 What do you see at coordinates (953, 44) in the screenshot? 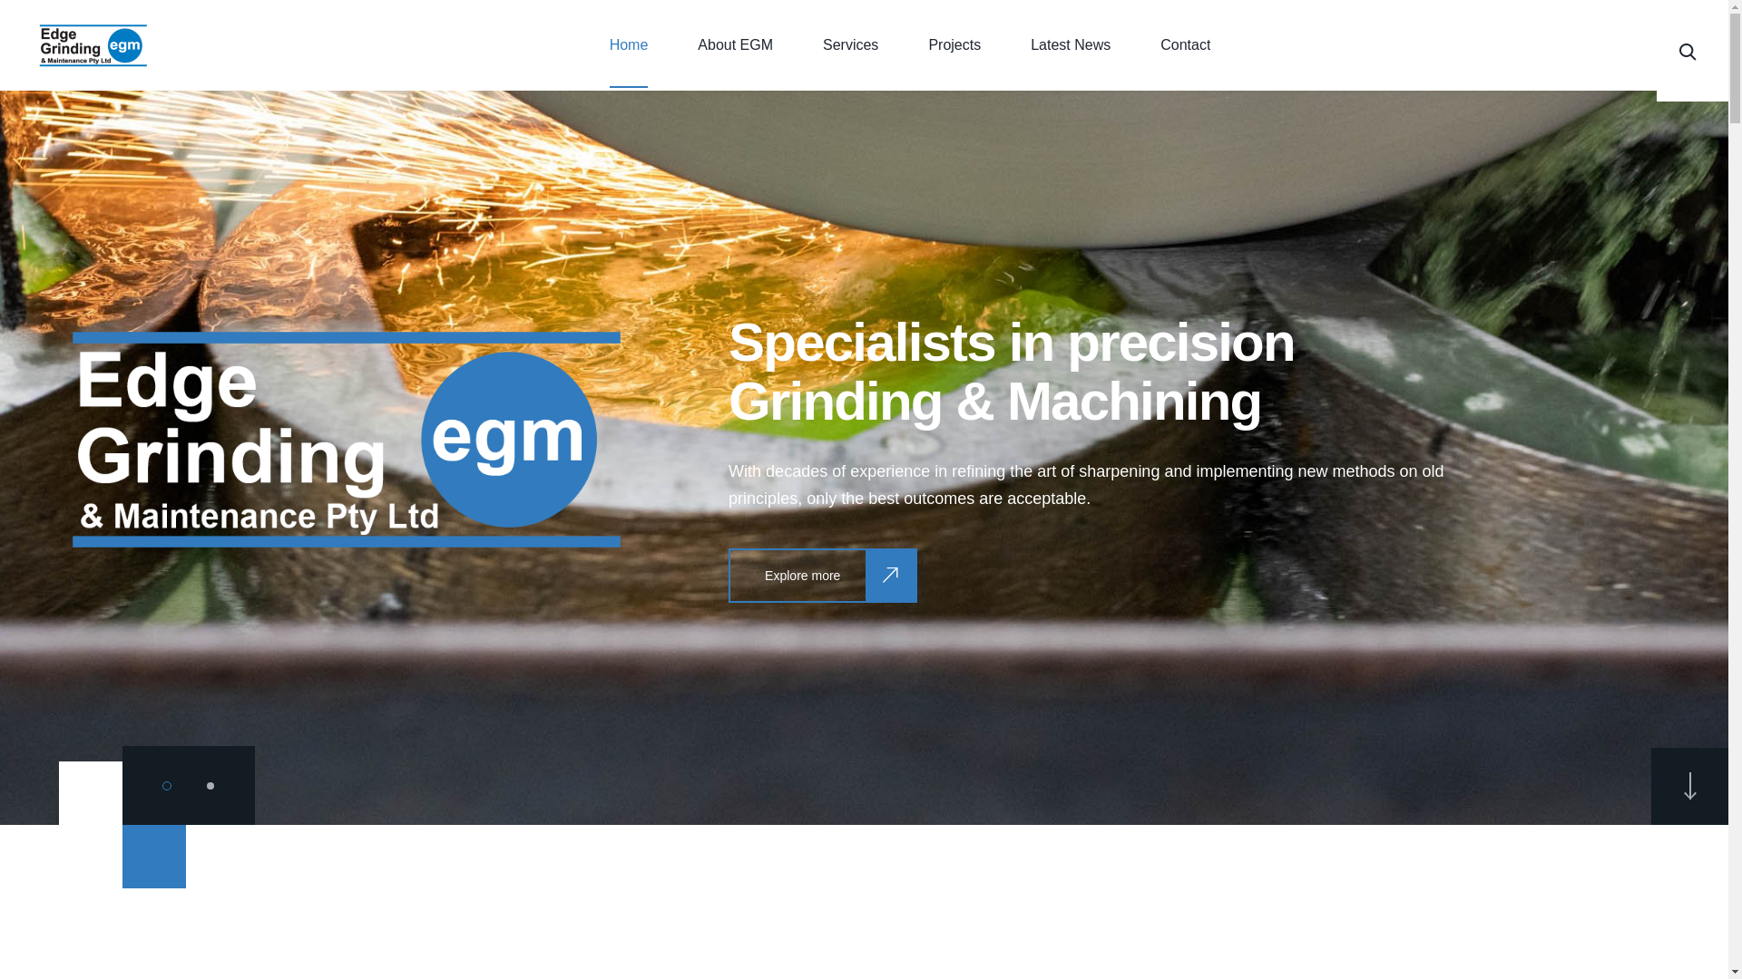
I see `'Projects'` at bounding box center [953, 44].